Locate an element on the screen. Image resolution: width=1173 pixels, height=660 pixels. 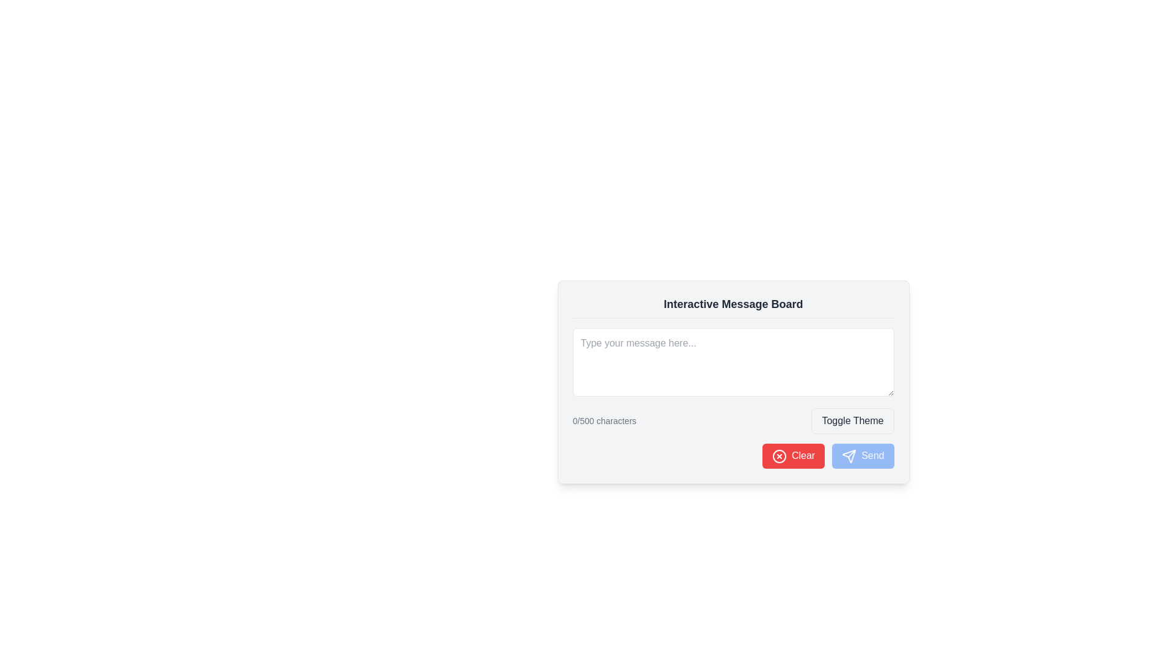
the send icon, which is a small, triangular arrow-like icon located to the left of the 'Send' text within the 'Send' button is located at coordinates (849, 456).